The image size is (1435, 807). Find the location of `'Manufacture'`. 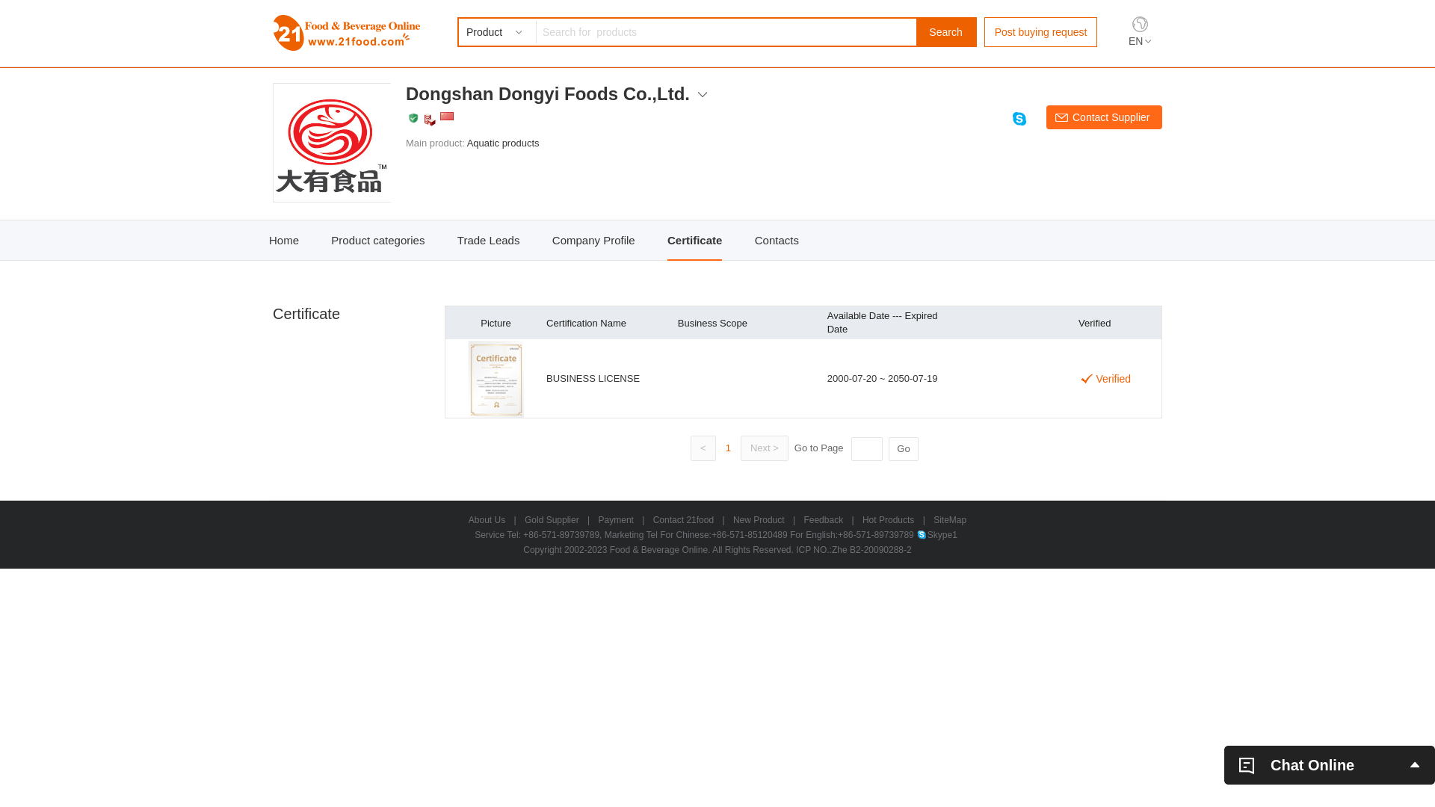

'Manufacture' is located at coordinates (429, 118).